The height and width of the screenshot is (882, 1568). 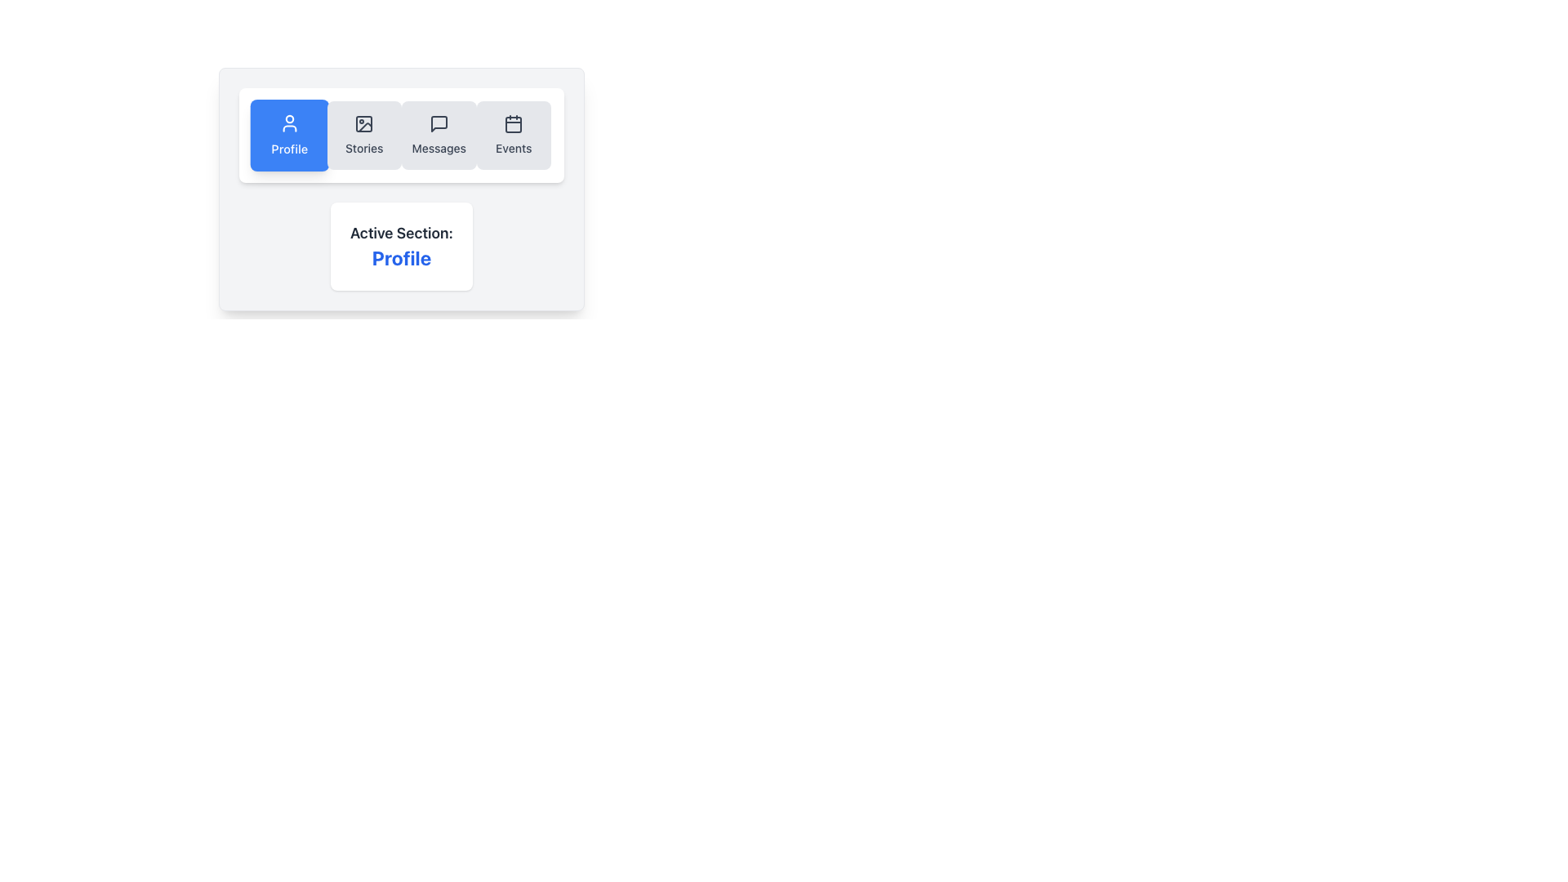 I want to click on a section in the Navigation Toolbar, so click(x=401, y=134).